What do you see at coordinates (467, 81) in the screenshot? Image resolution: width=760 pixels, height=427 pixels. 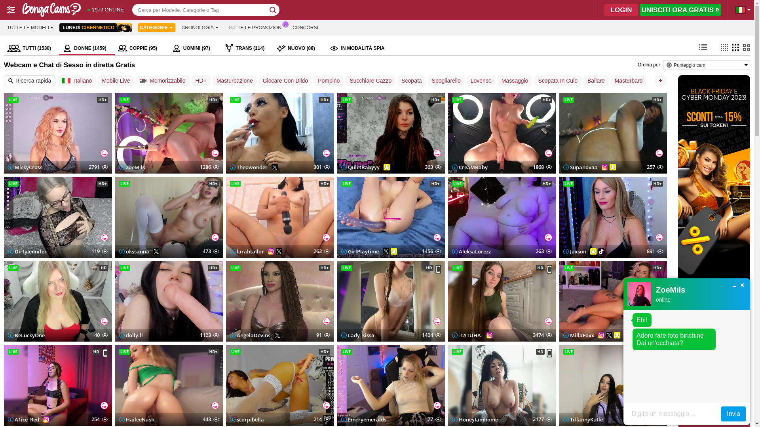 I see `'Lovense'` at bounding box center [467, 81].